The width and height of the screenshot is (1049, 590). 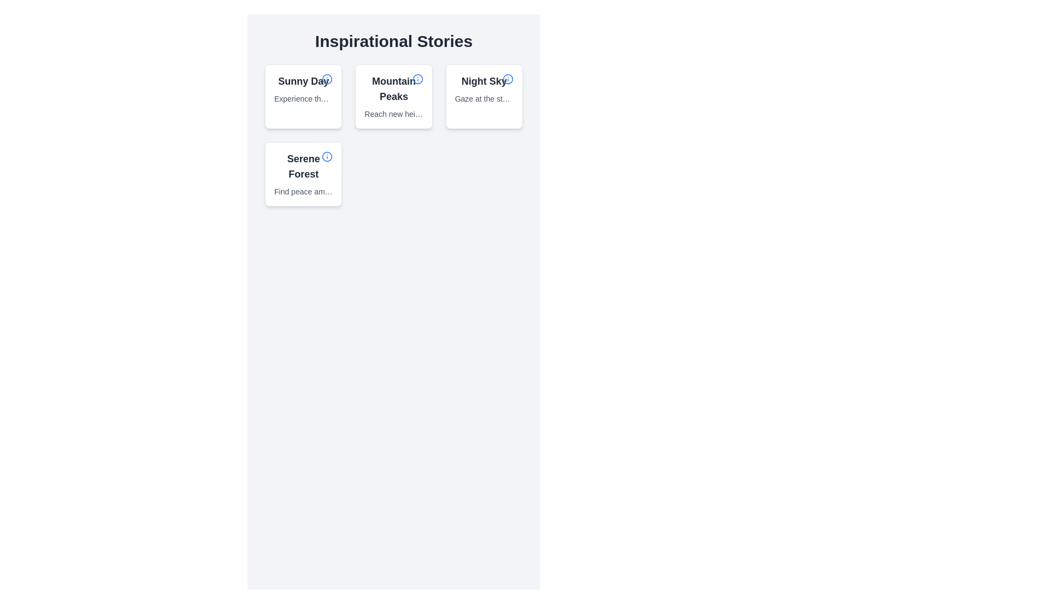 What do you see at coordinates (327, 79) in the screenshot?
I see `the informational indicator icon located in the top-right corner of the 'Sunny Day' card` at bounding box center [327, 79].